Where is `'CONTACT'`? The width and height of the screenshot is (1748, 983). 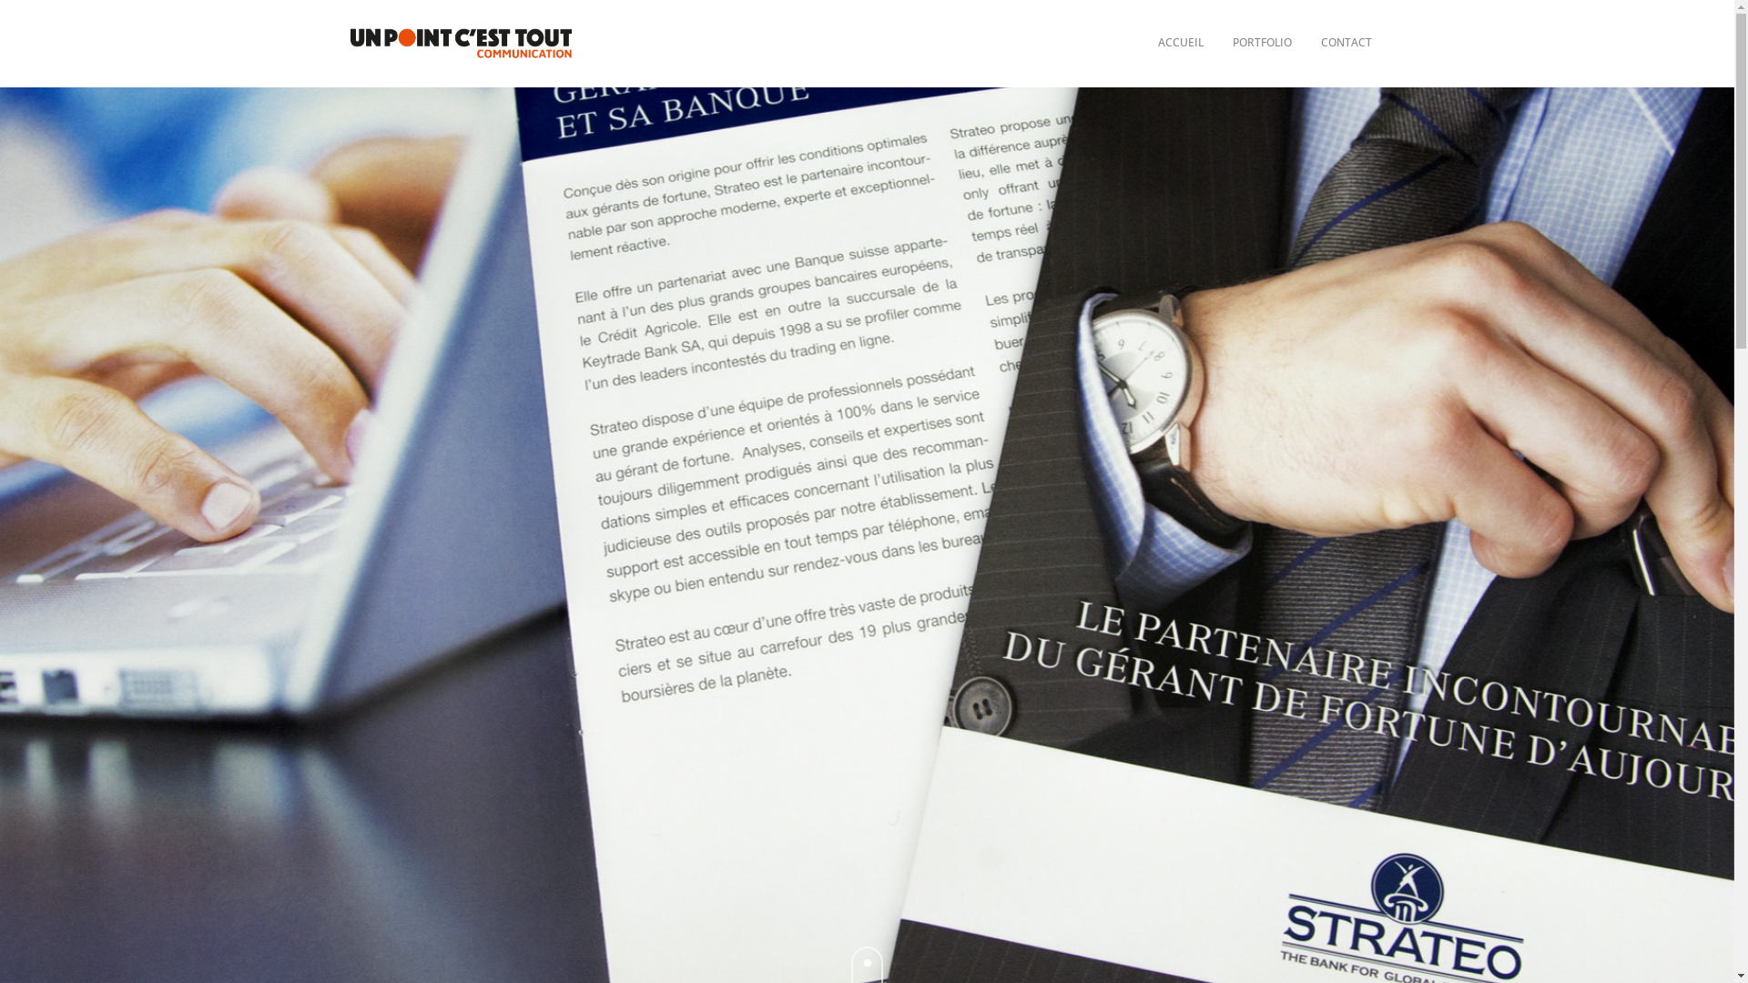
'CONTACT' is located at coordinates (1346, 42).